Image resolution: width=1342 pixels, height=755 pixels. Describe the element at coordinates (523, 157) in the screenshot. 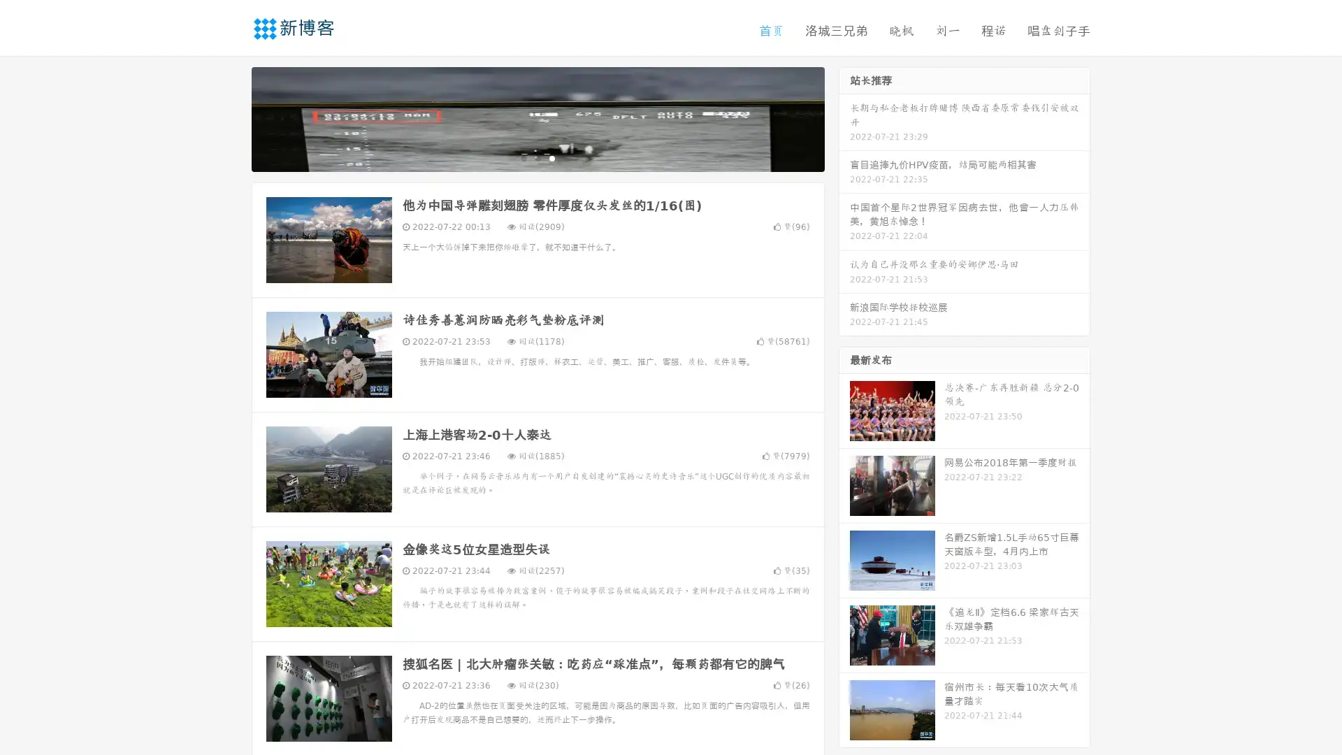

I see `Go to slide 1` at that location.